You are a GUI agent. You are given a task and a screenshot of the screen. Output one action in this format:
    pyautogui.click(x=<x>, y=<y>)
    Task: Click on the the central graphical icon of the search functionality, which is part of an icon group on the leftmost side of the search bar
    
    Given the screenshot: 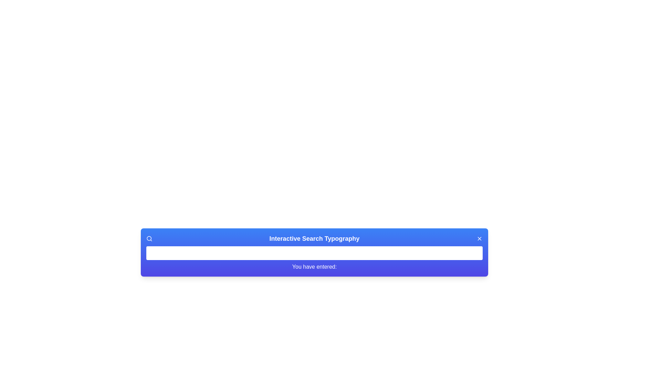 What is the action you would take?
    pyautogui.click(x=149, y=238)
    